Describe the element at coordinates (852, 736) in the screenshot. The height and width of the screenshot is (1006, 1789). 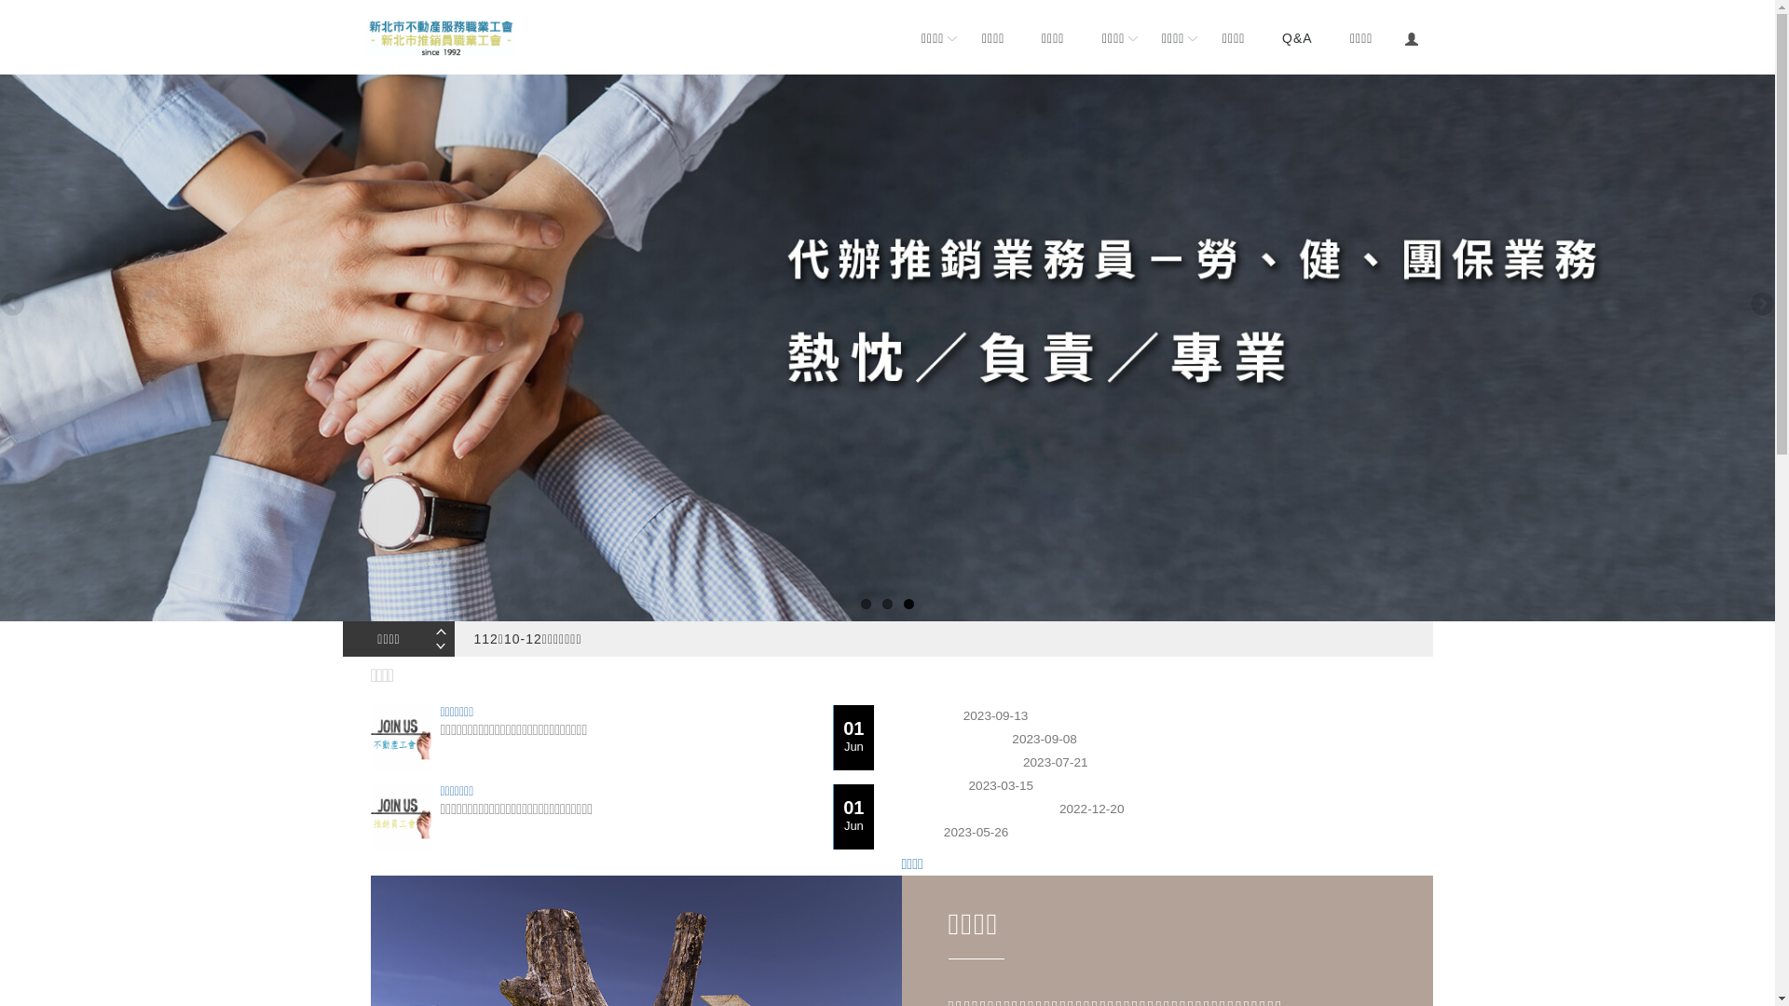
I see `'01` at that location.